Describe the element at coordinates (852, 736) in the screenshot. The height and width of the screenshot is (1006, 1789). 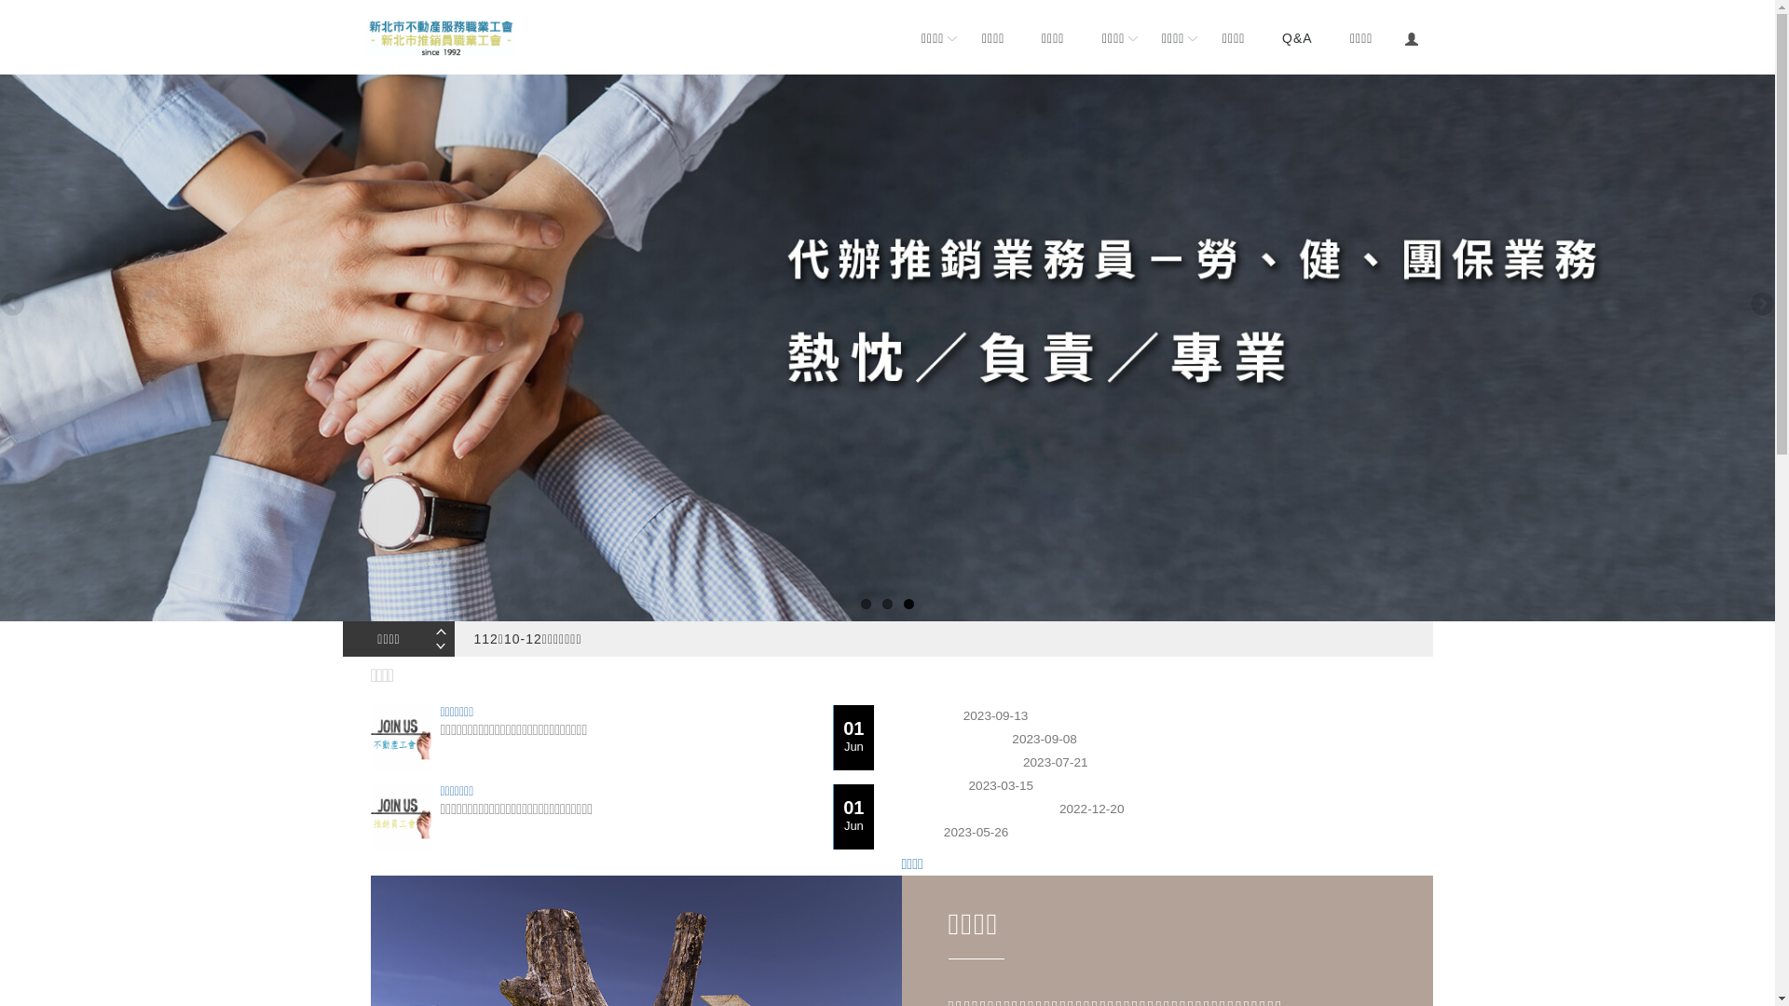
I see `'01` at that location.